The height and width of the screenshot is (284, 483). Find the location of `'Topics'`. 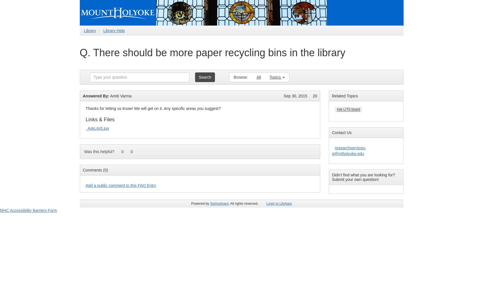

'Topics' is located at coordinates (269, 77).